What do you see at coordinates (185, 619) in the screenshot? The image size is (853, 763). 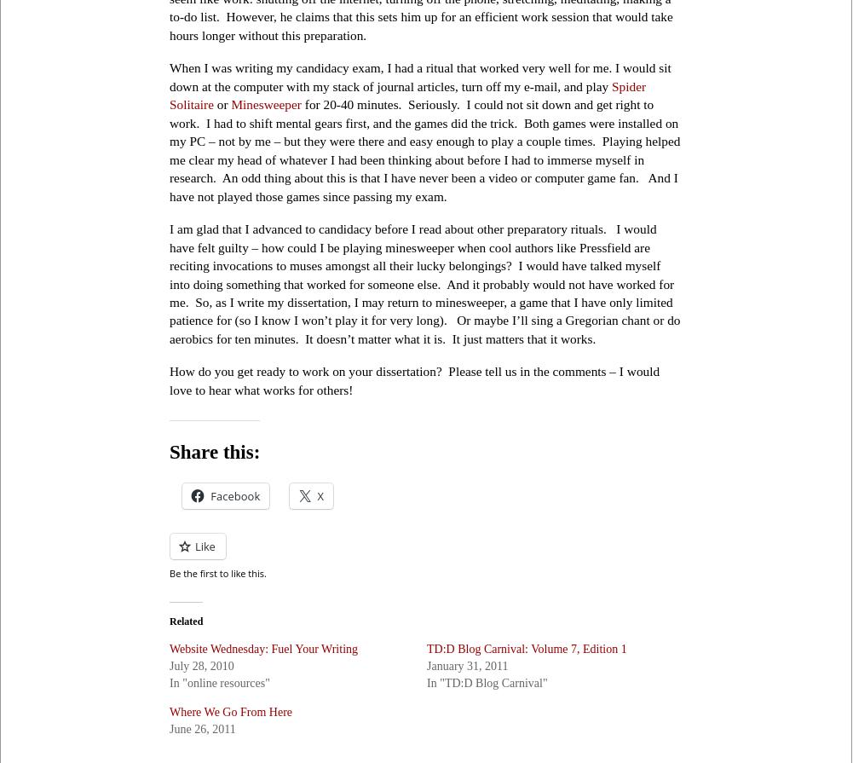 I see `'Related'` at bounding box center [185, 619].